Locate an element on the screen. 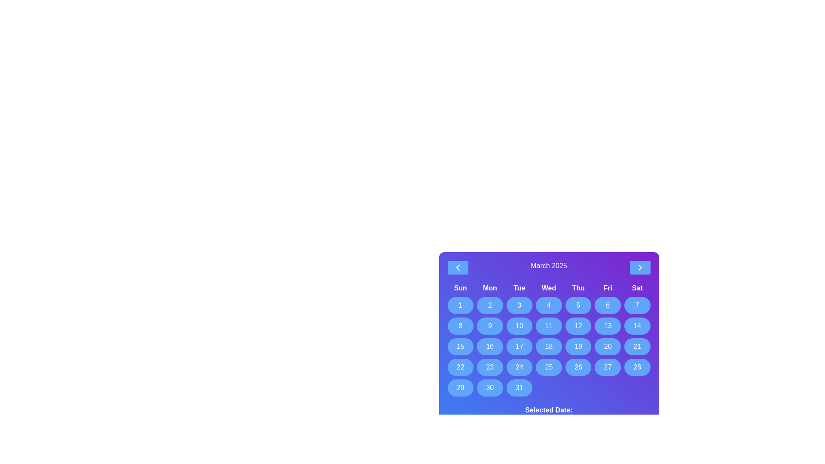 Image resolution: width=825 pixels, height=464 pixels. the static label that displays 'Thursday', which is the fifth element in a row of seven elements representing the days of the week in the upper part of the grid calendar is located at coordinates (578, 288).